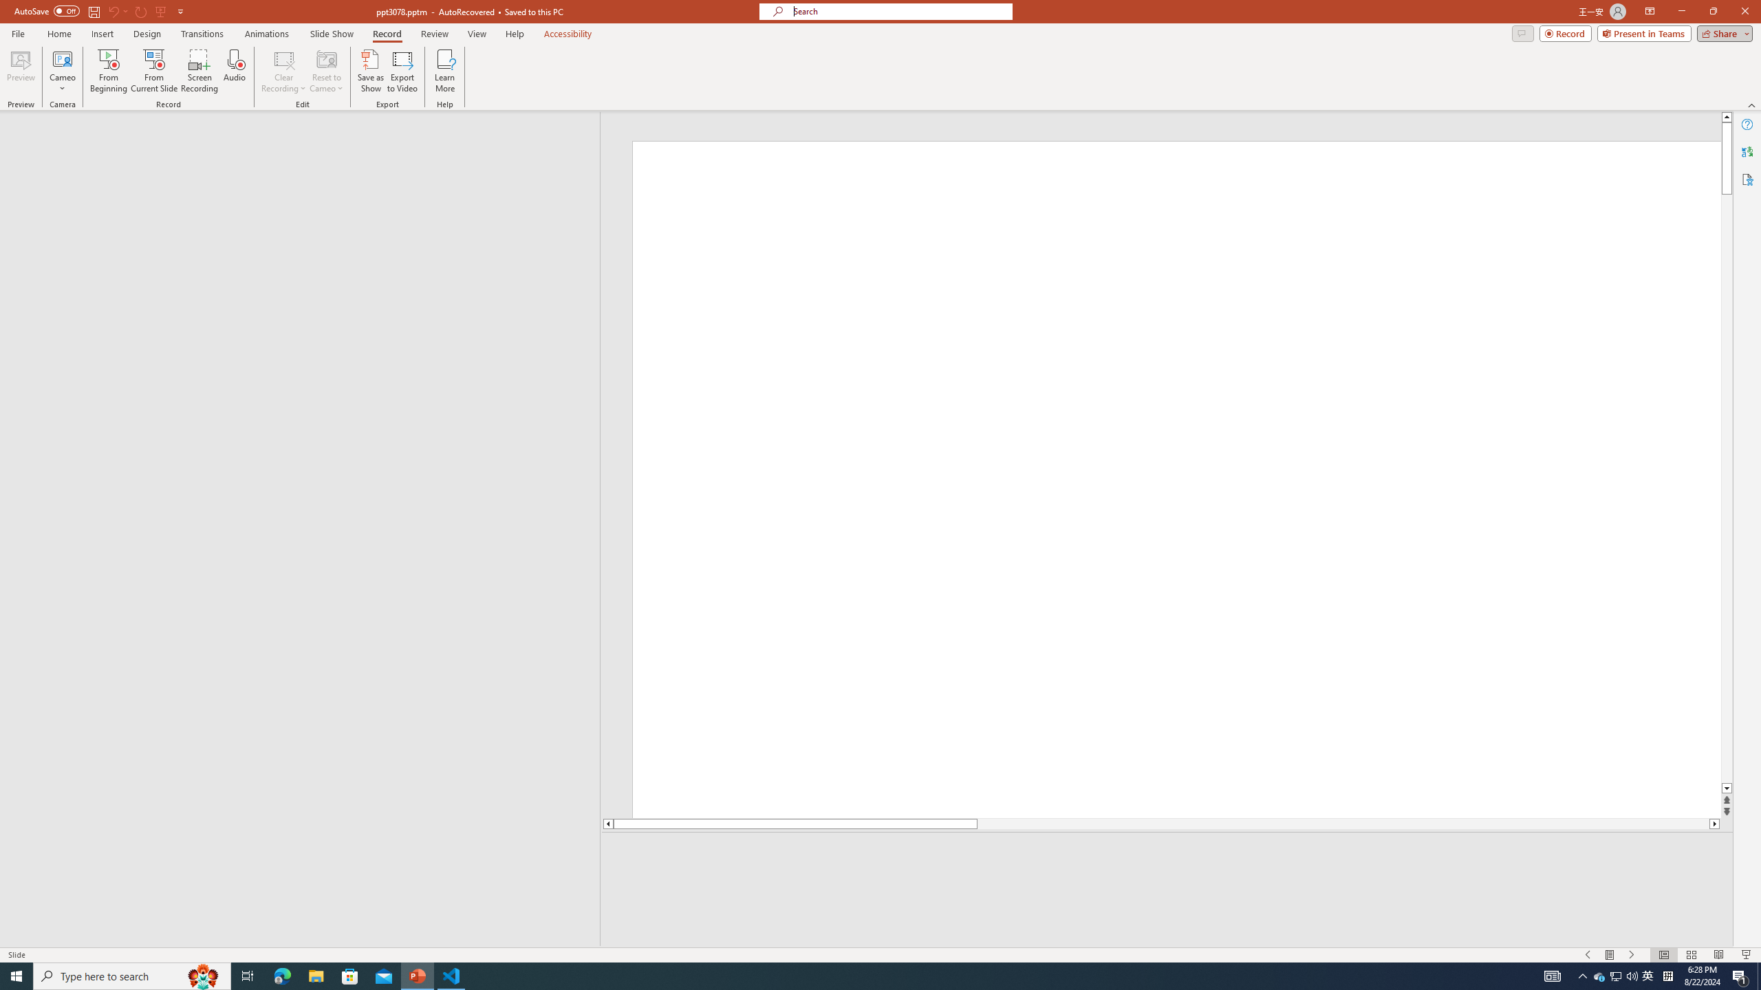 This screenshot has height=990, width=1761. I want to click on 'Clear Recording', so click(283, 71).